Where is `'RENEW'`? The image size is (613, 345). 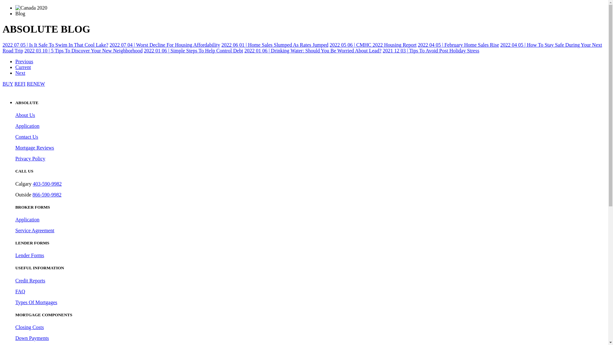
'RENEW' is located at coordinates (35, 83).